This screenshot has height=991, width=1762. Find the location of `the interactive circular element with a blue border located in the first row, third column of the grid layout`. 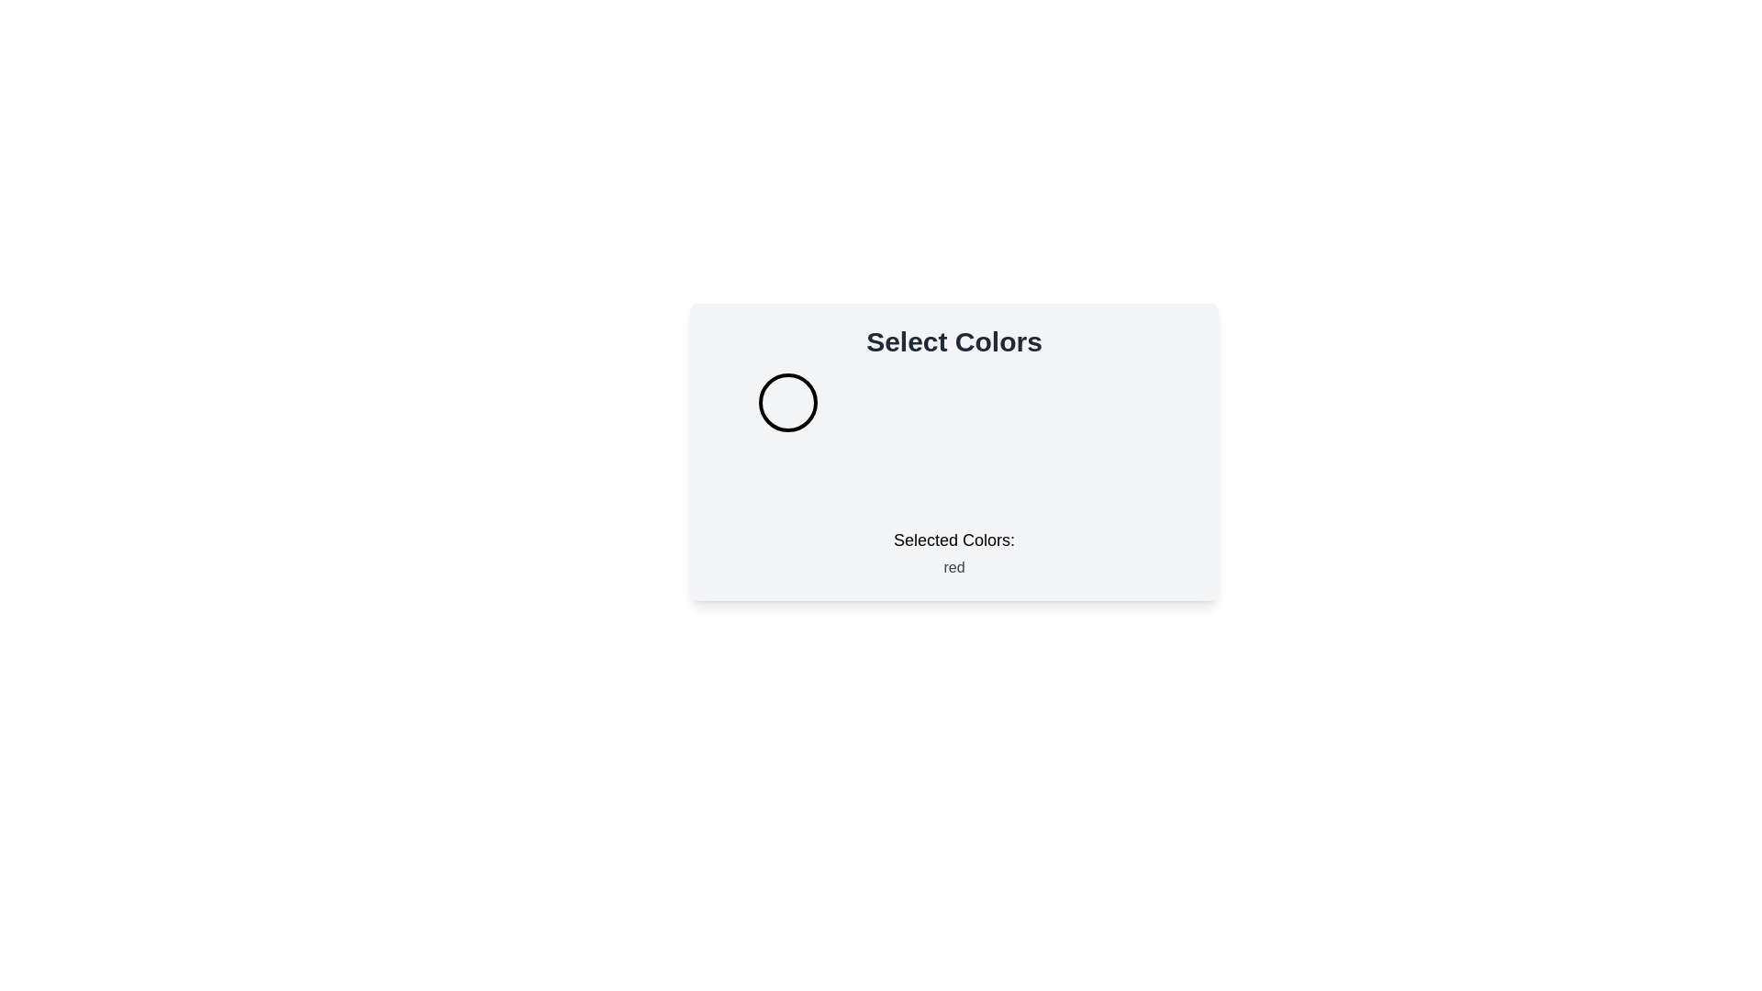

the interactive circular element with a blue border located in the first row, third column of the grid layout is located at coordinates (1120, 402).